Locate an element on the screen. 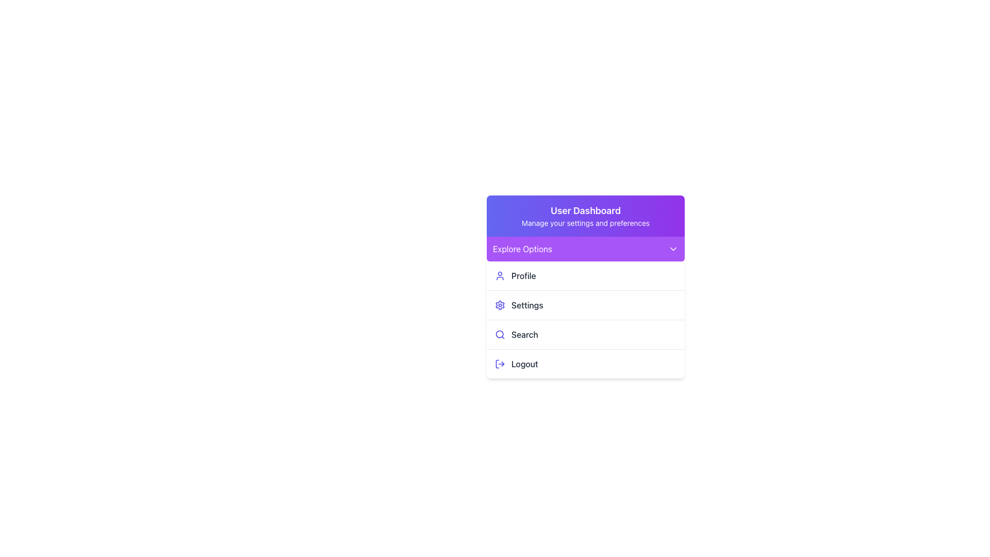  the 'Logout' icon located on the far left side of the 'Logout' menu option in the dropdown interface, adjacent to the 'Logout' text is located at coordinates (500, 363).